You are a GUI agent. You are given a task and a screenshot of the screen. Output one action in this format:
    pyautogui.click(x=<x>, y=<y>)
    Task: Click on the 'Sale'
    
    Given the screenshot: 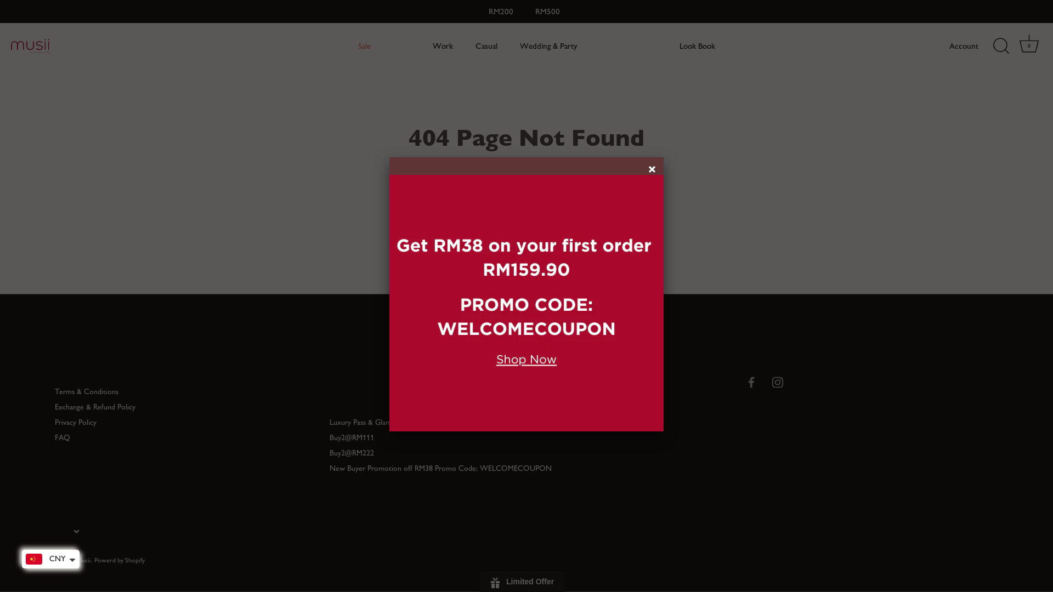 What is the action you would take?
    pyautogui.click(x=347, y=45)
    